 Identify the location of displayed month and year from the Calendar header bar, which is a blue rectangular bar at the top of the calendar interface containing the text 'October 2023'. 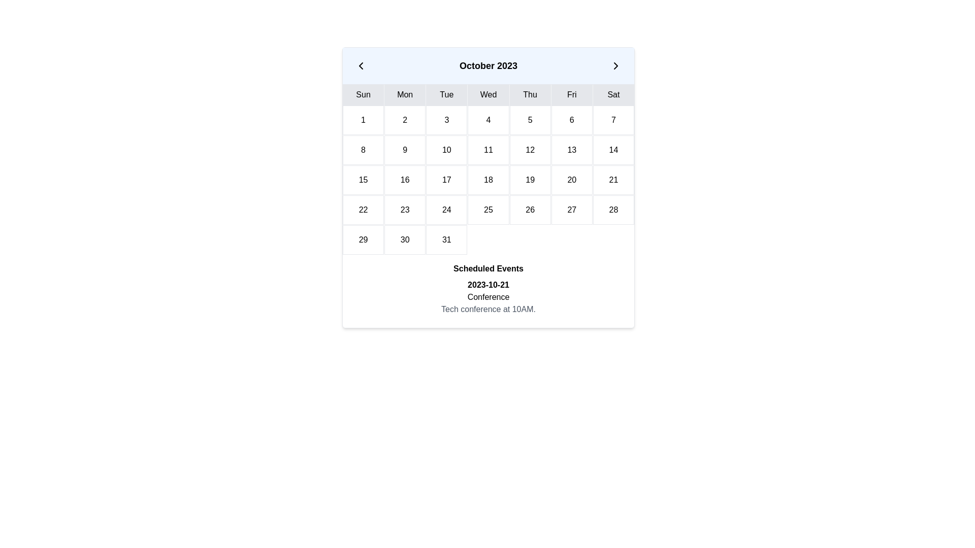
(488, 66).